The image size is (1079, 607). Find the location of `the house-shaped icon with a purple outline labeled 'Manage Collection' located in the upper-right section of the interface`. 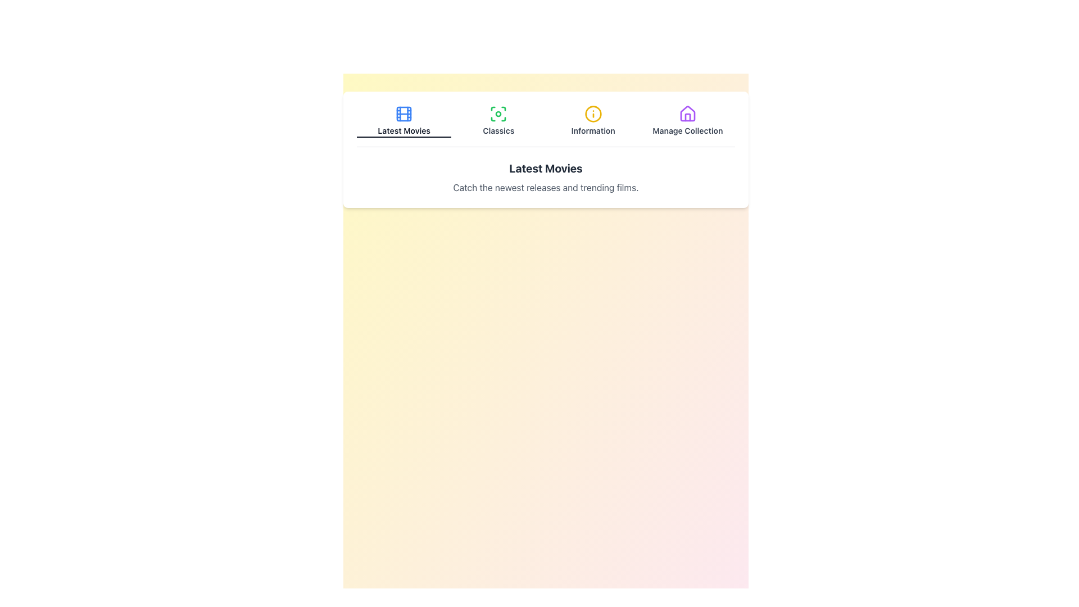

the house-shaped icon with a purple outline labeled 'Manage Collection' located in the upper-right section of the interface is located at coordinates (687, 114).